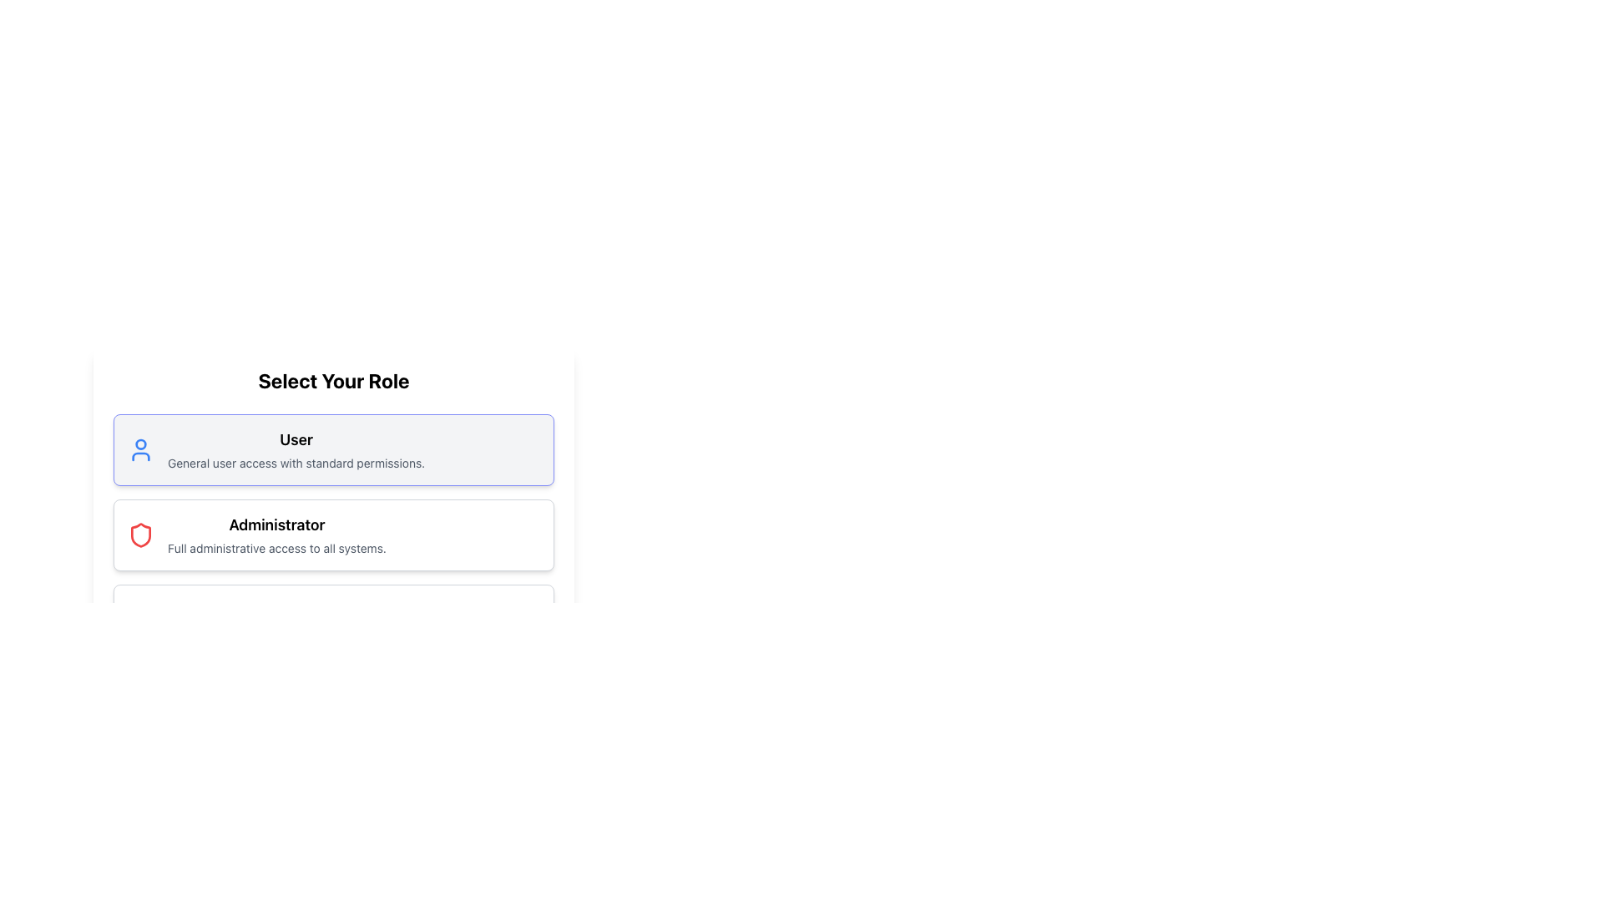  I want to click on the Text Label that describes the 'Administrator' role, located directly below the 'Administrator' text in the 'Select Your Role' interface, so click(276, 548).